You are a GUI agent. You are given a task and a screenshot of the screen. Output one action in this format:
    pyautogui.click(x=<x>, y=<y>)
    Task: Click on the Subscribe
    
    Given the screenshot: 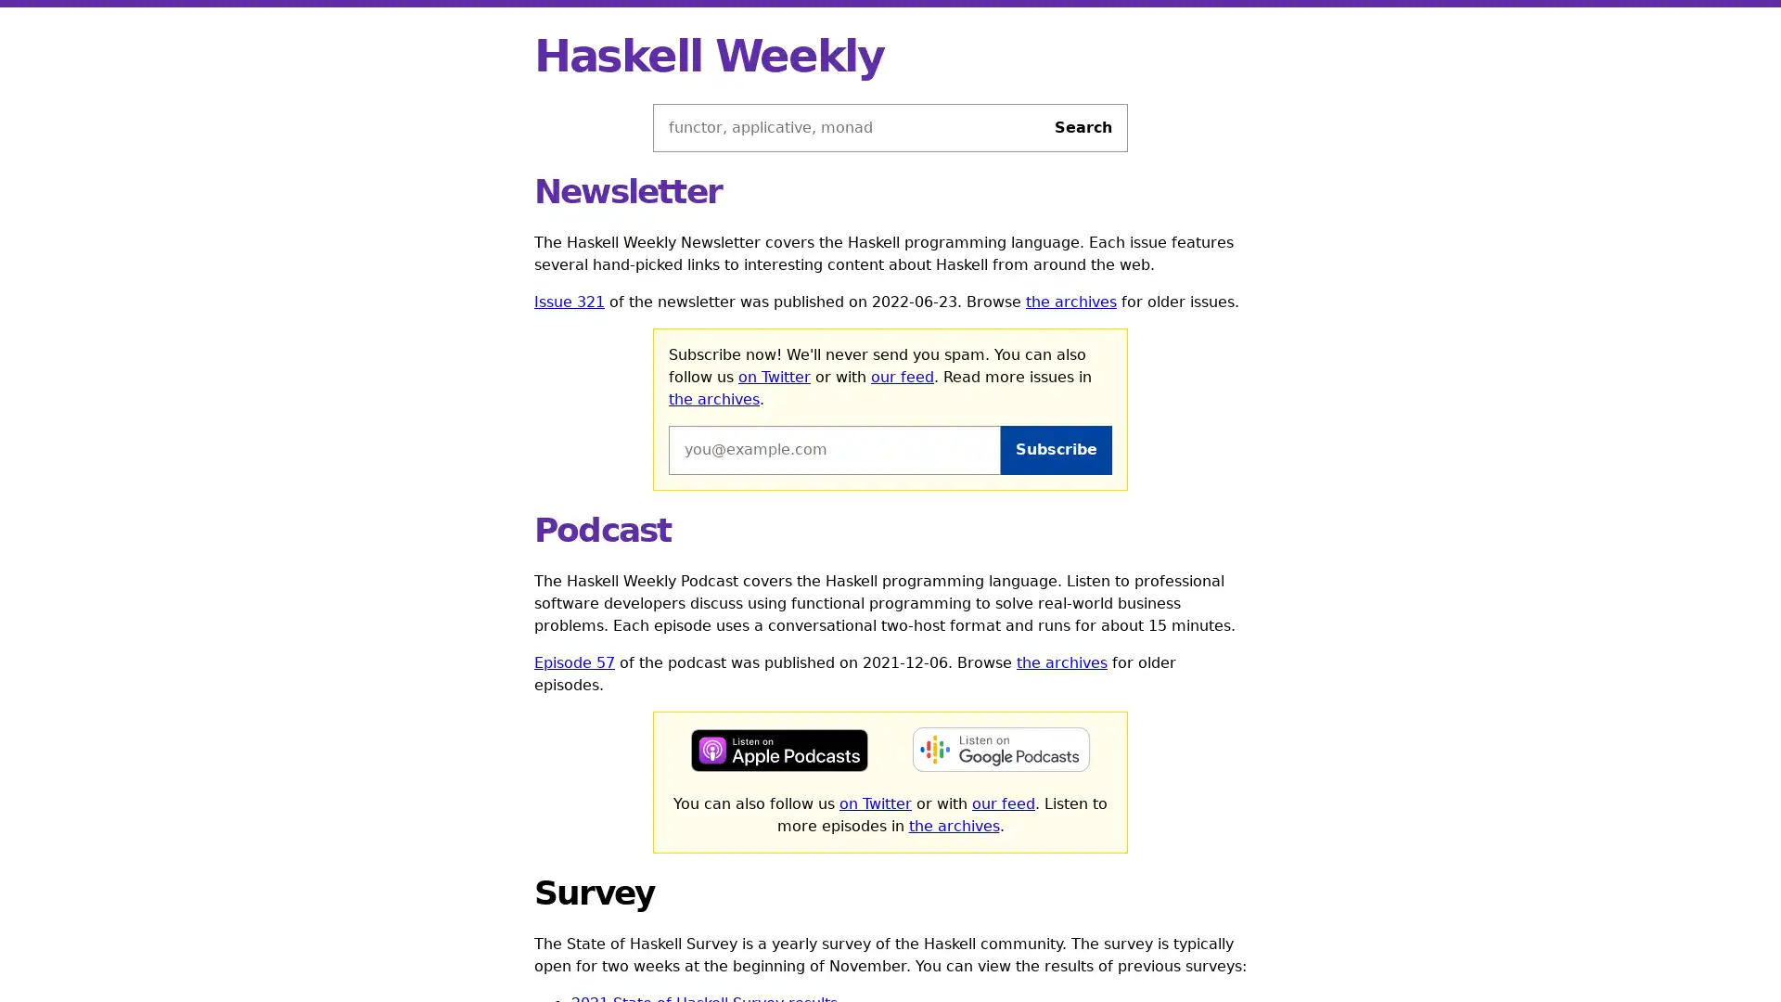 What is the action you would take?
    pyautogui.click(x=1056, y=450)
    